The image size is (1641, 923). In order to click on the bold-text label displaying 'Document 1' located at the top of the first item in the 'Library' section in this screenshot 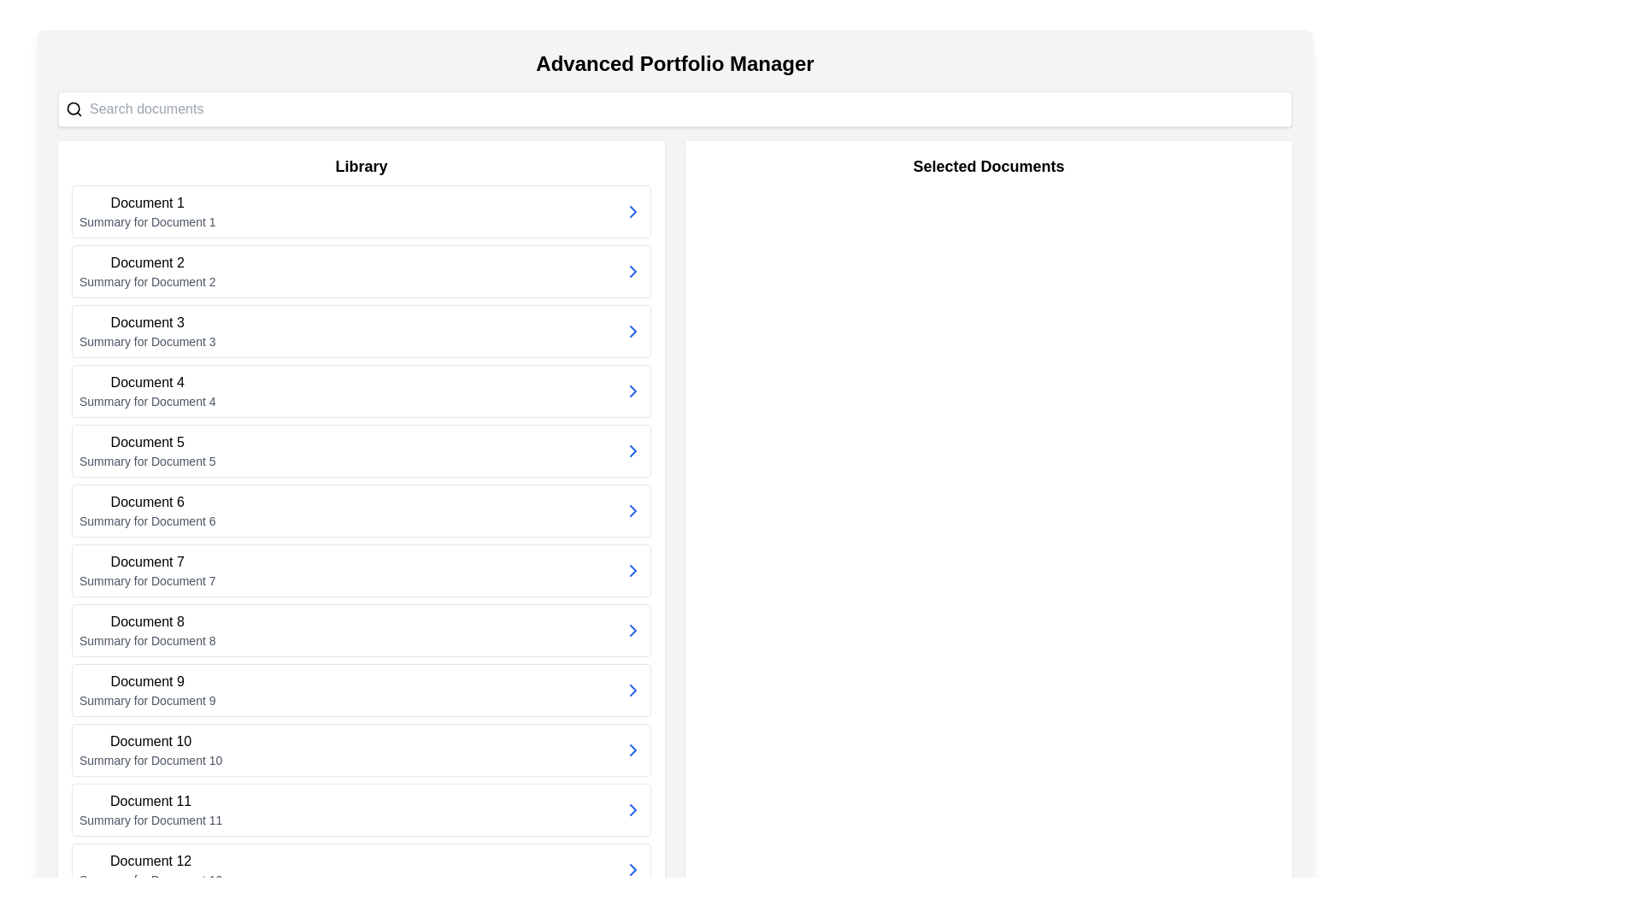, I will do `click(147, 203)`.